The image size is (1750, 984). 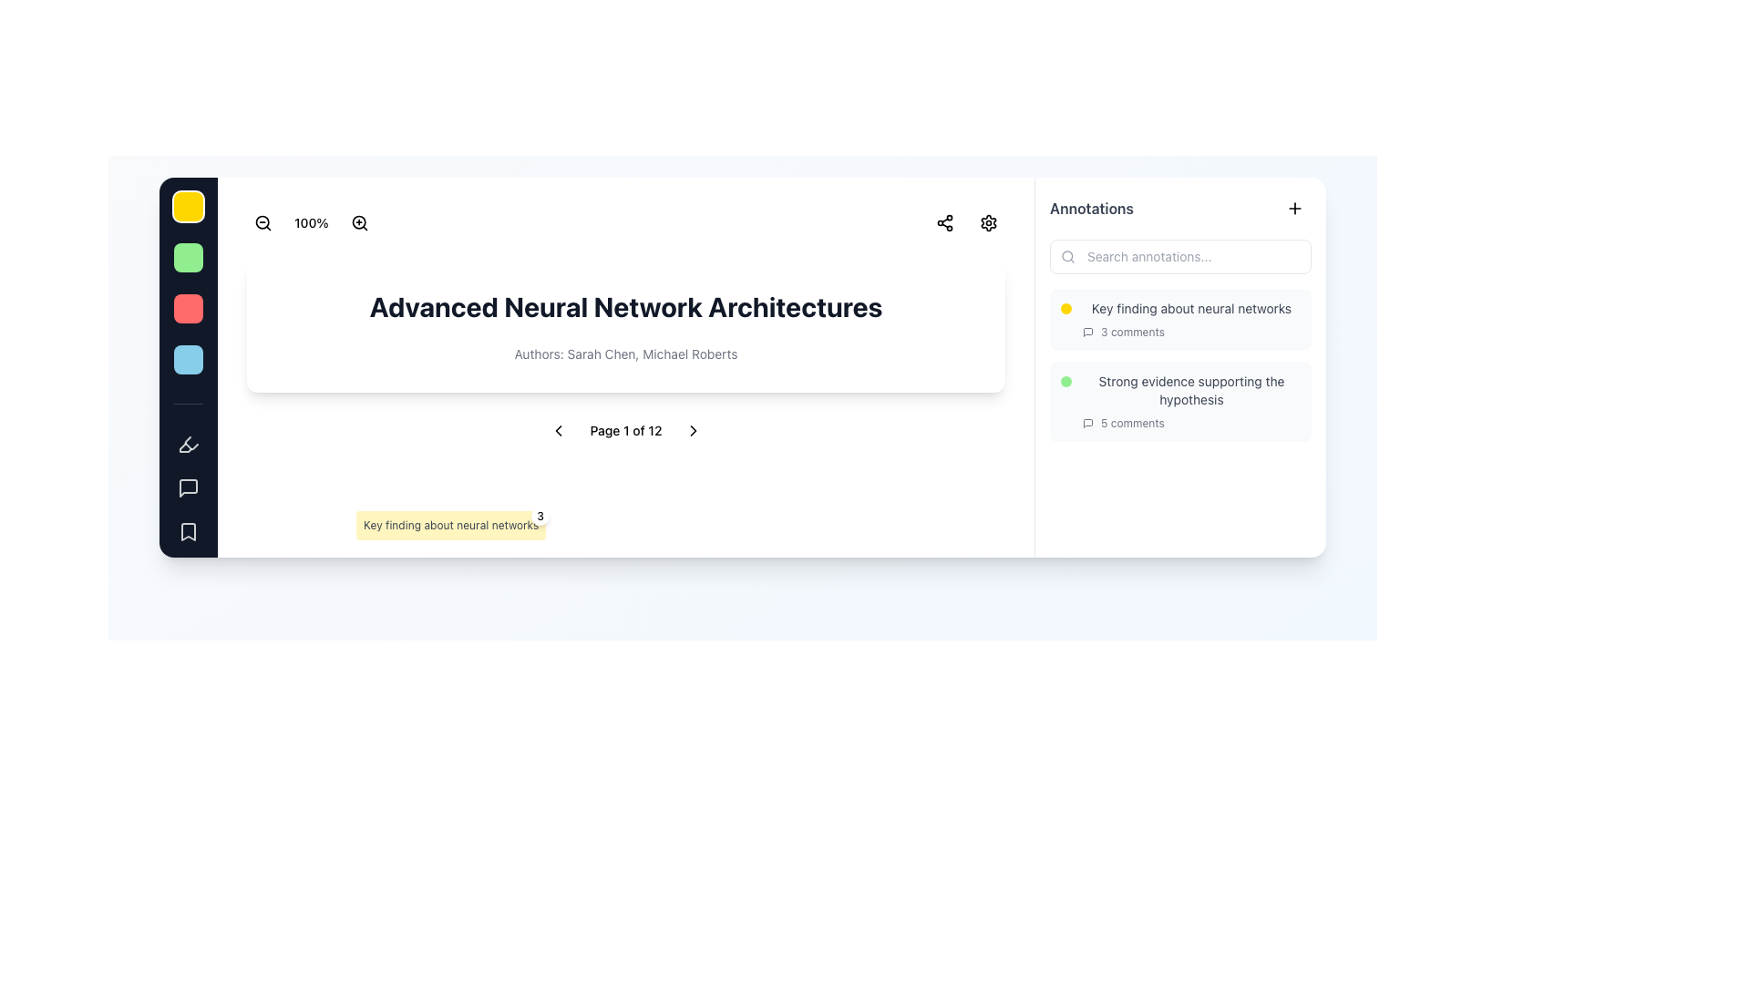 I want to click on the text label that serves as the header for the annotations section, positioned in the right-side panel near the top-left corner, preceding the search bar, so click(x=1092, y=207).